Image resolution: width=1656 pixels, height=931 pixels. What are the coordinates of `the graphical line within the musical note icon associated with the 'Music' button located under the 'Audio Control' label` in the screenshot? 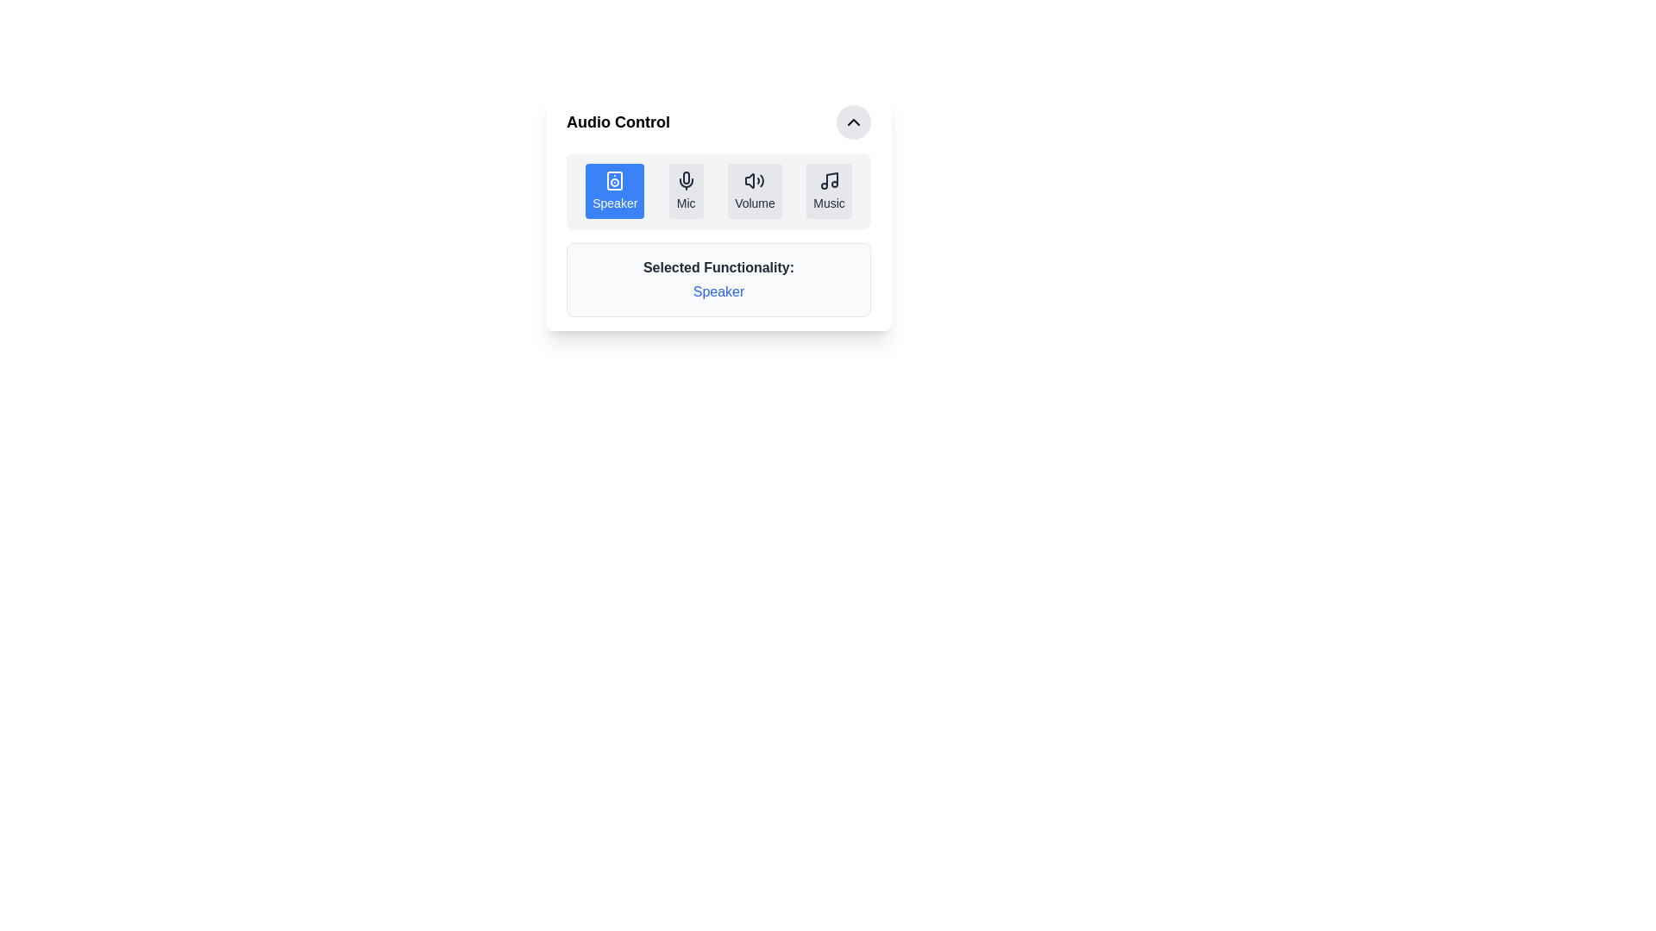 It's located at (831, 179).